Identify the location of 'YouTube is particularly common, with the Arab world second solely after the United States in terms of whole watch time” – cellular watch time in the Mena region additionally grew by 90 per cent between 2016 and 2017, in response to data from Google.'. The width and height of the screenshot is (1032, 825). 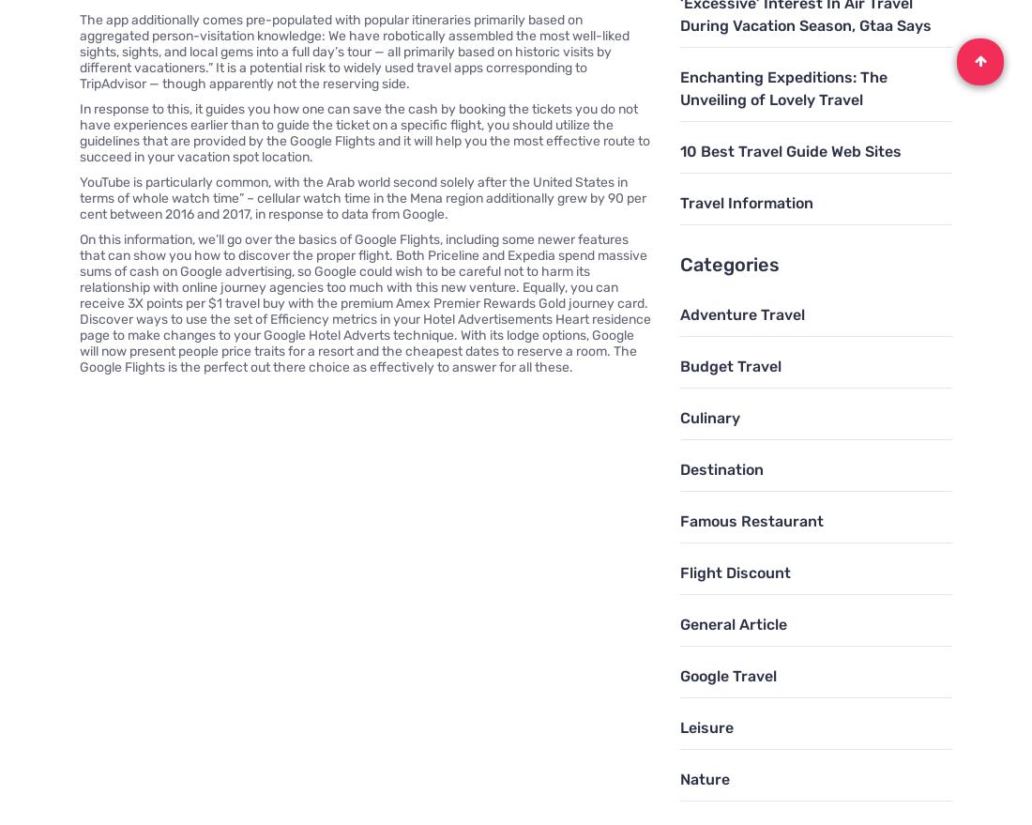
(362, 198).